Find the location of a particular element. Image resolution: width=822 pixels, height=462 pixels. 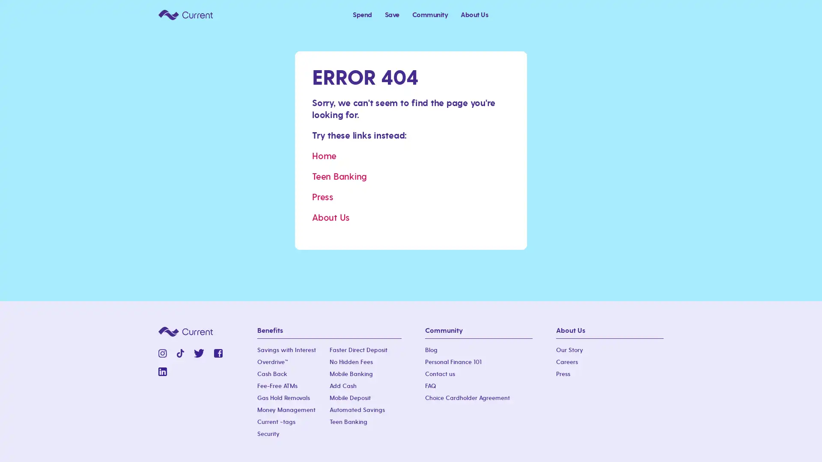

Press is located at coordinates (563, 374).